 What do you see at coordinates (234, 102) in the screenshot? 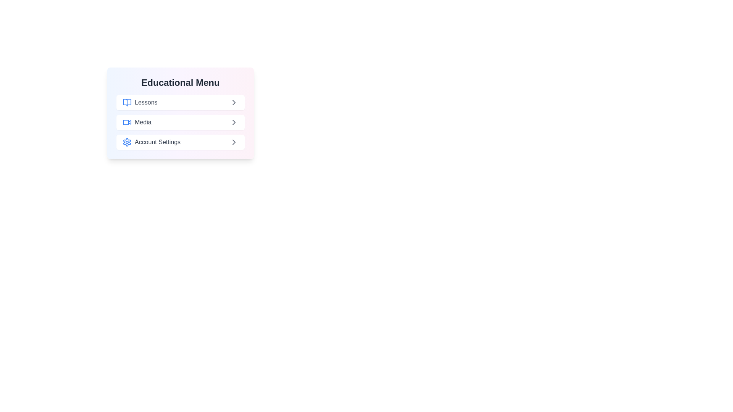
I see `the chevron icon within the 'Lessons' menu option in the 'Educational Menu'` at bounding box center [234, 102].